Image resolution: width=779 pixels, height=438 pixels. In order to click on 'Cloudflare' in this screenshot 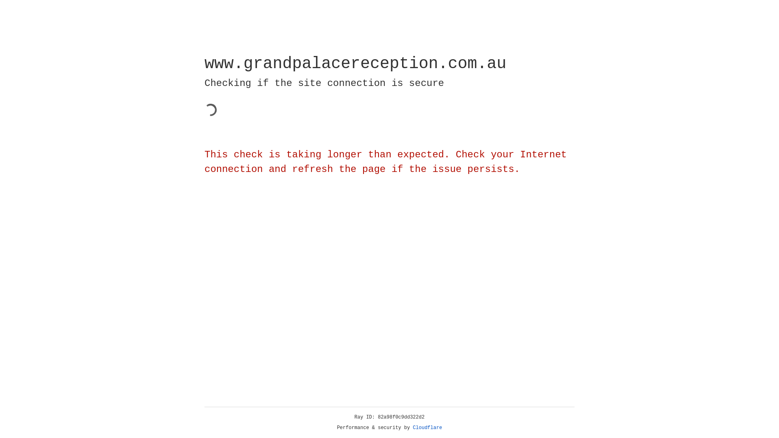, I will do `click(427, 427)`.